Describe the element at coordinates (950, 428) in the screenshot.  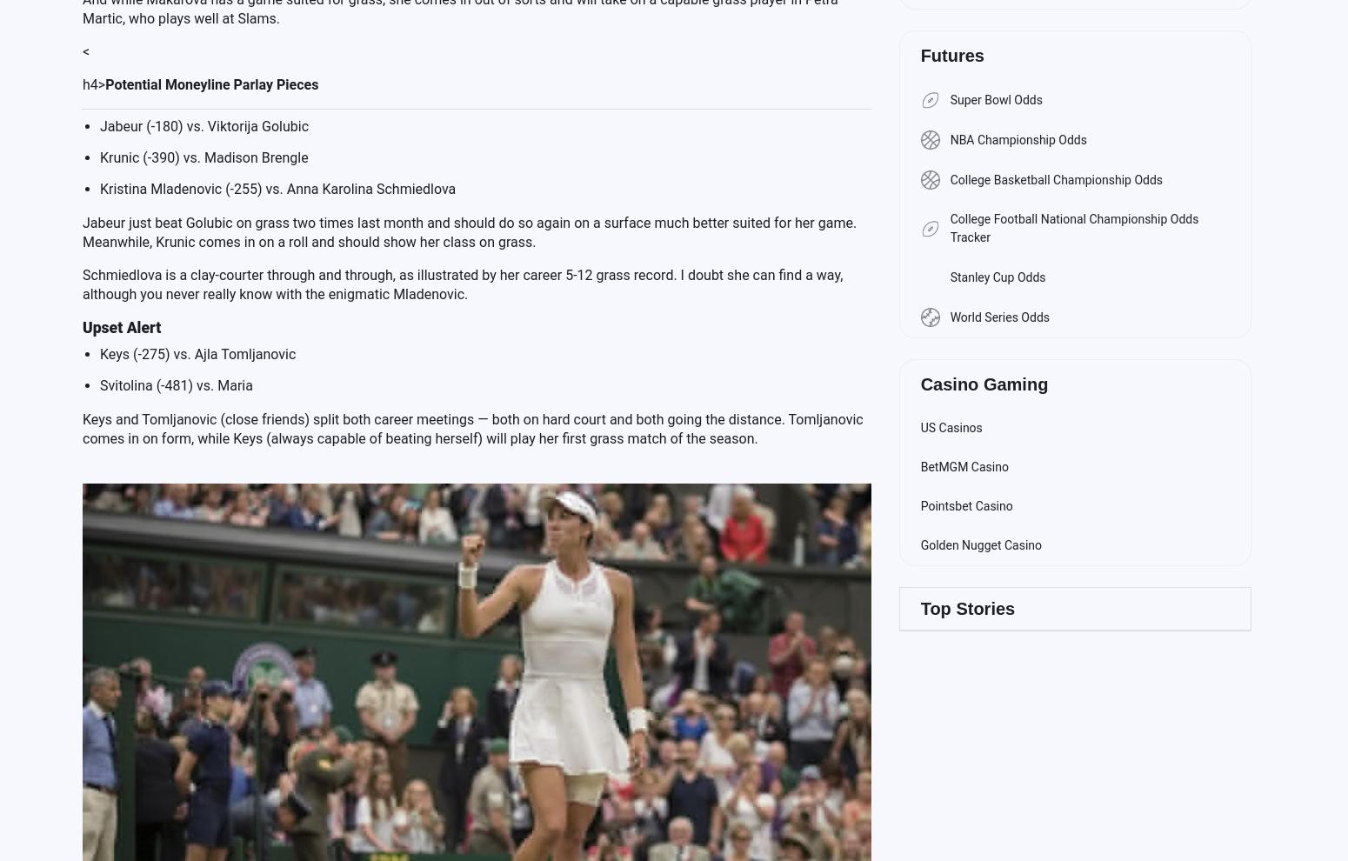
I see `'US Casinos'` at that location.